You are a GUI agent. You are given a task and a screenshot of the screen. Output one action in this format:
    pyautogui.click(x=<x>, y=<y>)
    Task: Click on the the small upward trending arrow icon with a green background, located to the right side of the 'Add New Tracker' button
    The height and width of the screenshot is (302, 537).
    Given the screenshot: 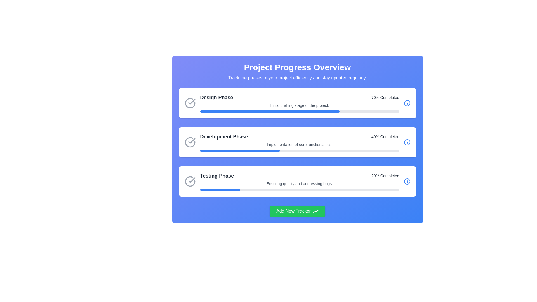 What is the action you would take?
    pyautogui.click(x=315, y=211)
    